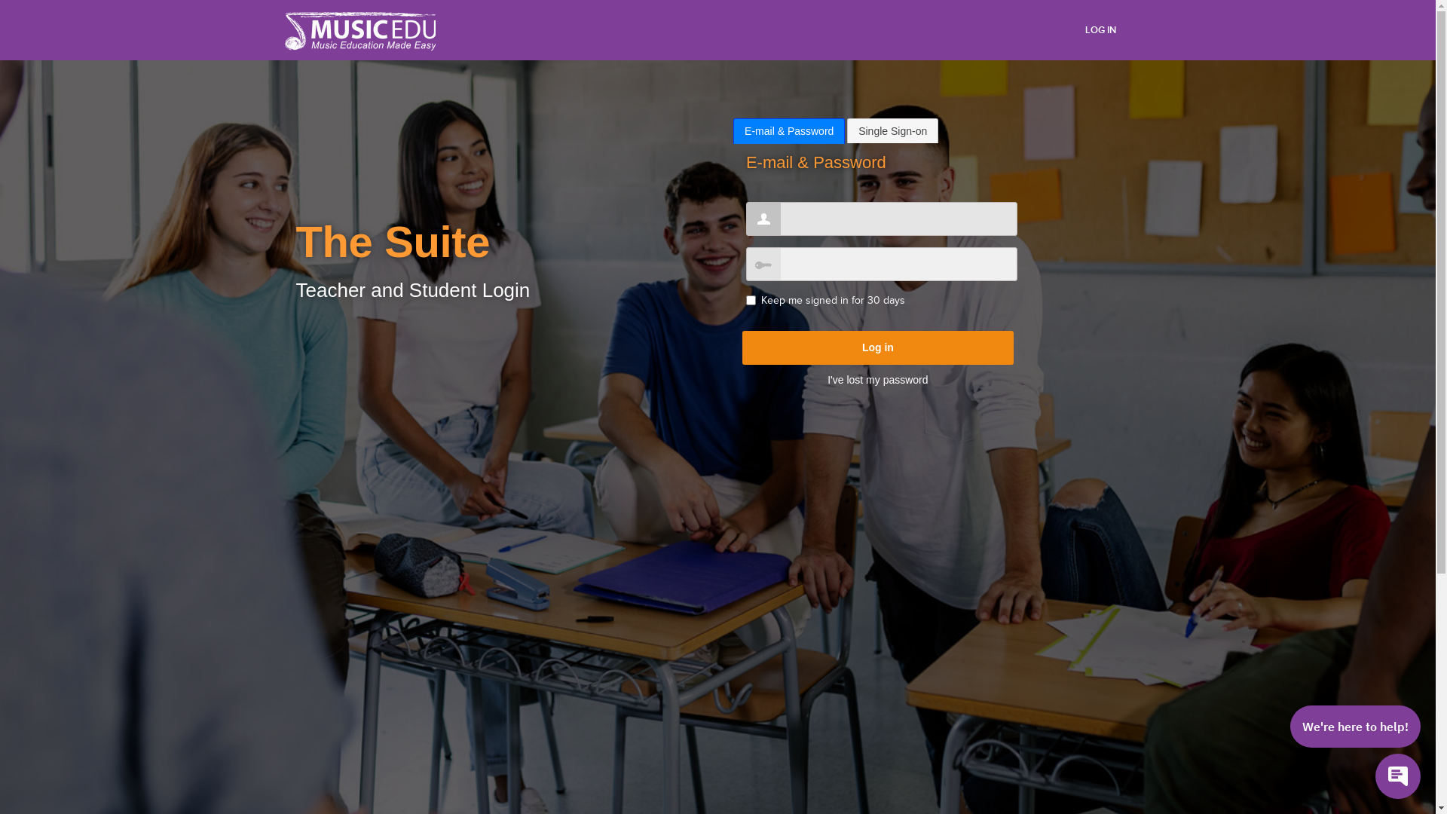  I want to click on 'LOG IN', so click(1100, 29).